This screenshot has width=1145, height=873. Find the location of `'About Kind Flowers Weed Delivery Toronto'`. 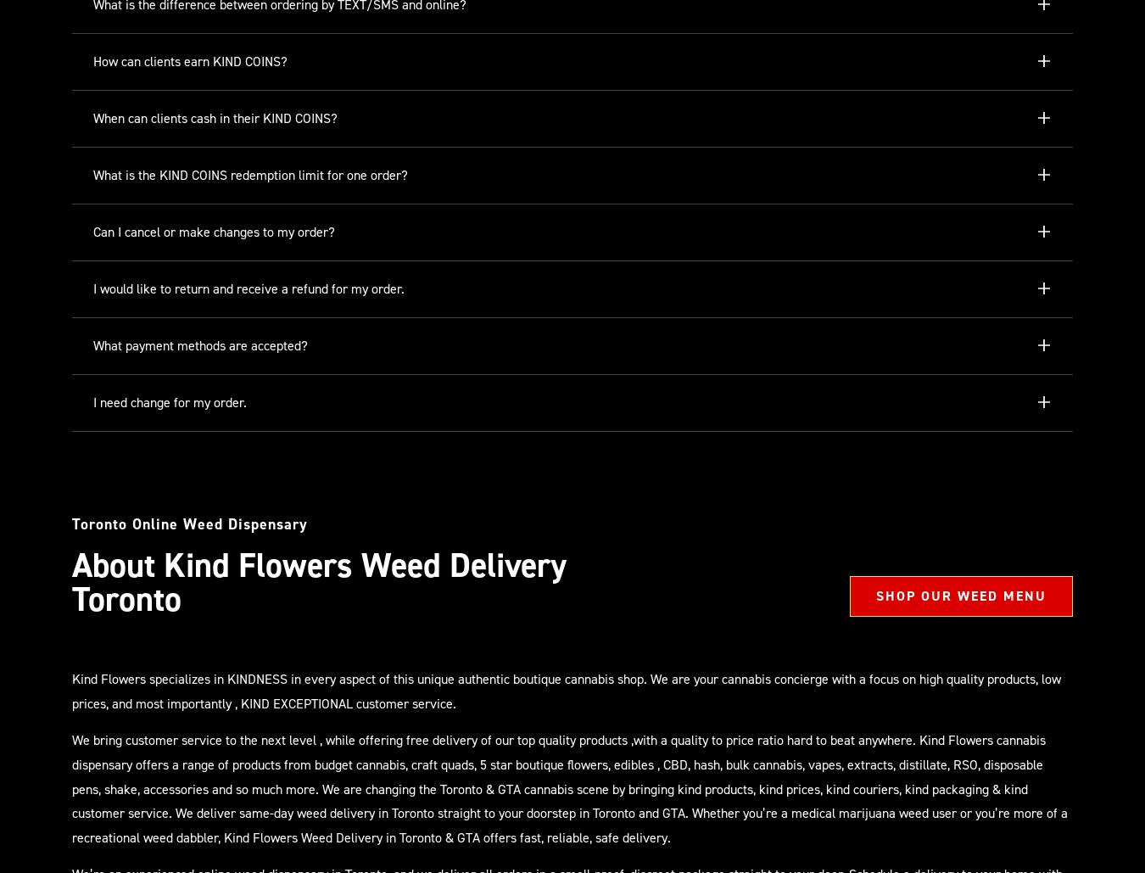

'About Kind Flowers Weed Delivery Toronto' is located at coordinates (319, 581).